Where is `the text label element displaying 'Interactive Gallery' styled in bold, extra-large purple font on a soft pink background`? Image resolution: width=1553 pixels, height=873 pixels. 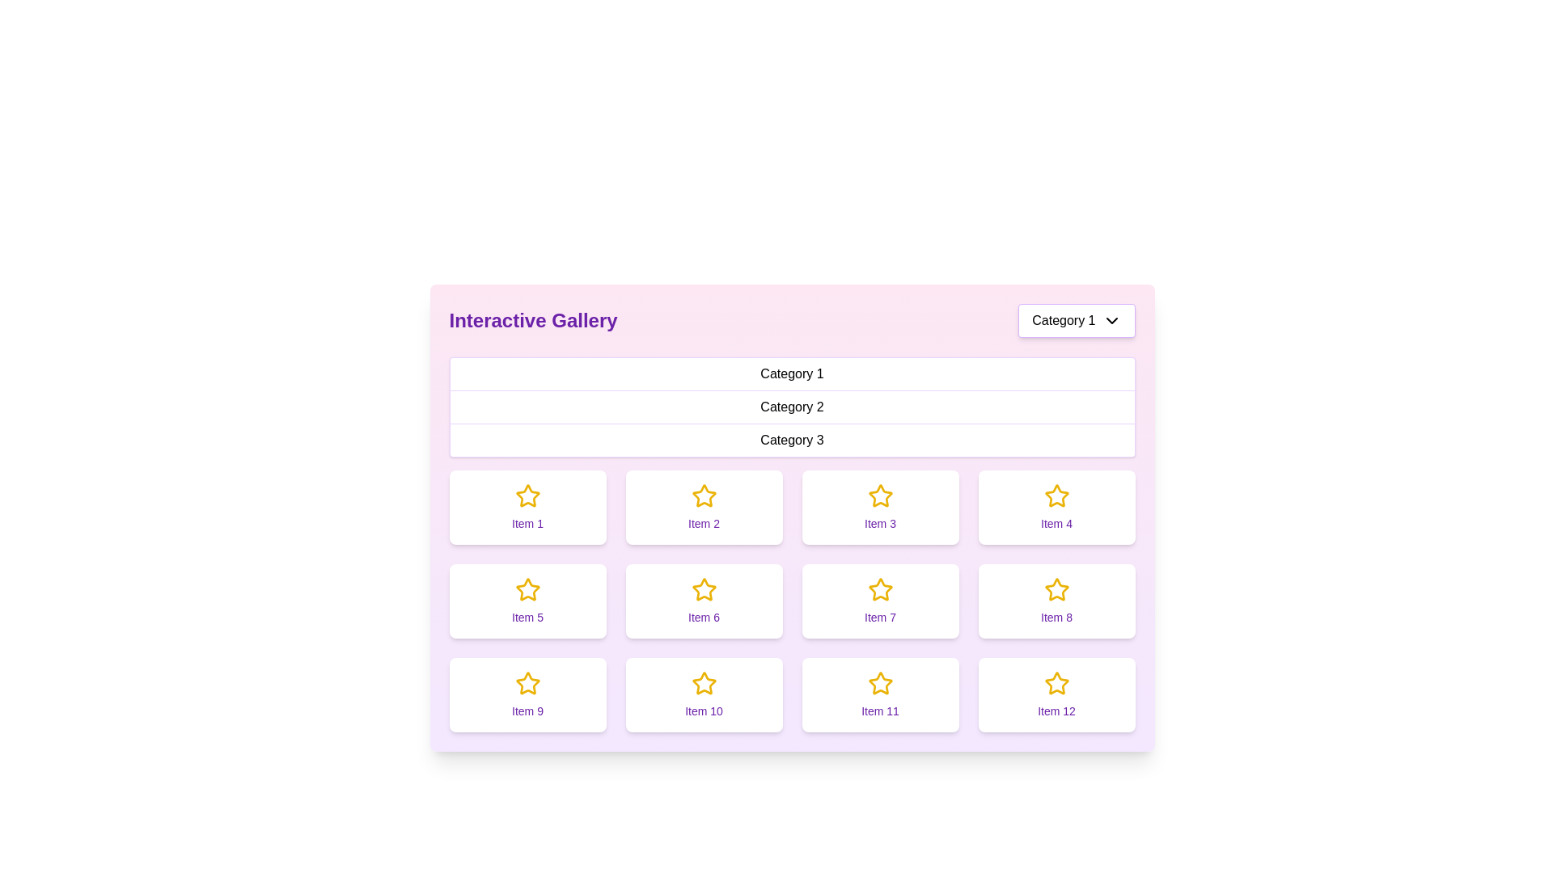 the text label element displaying 'Interactive Gallery' styled in bold, extra-large purple font on a soft pink background is located at coordinates (533, 321).